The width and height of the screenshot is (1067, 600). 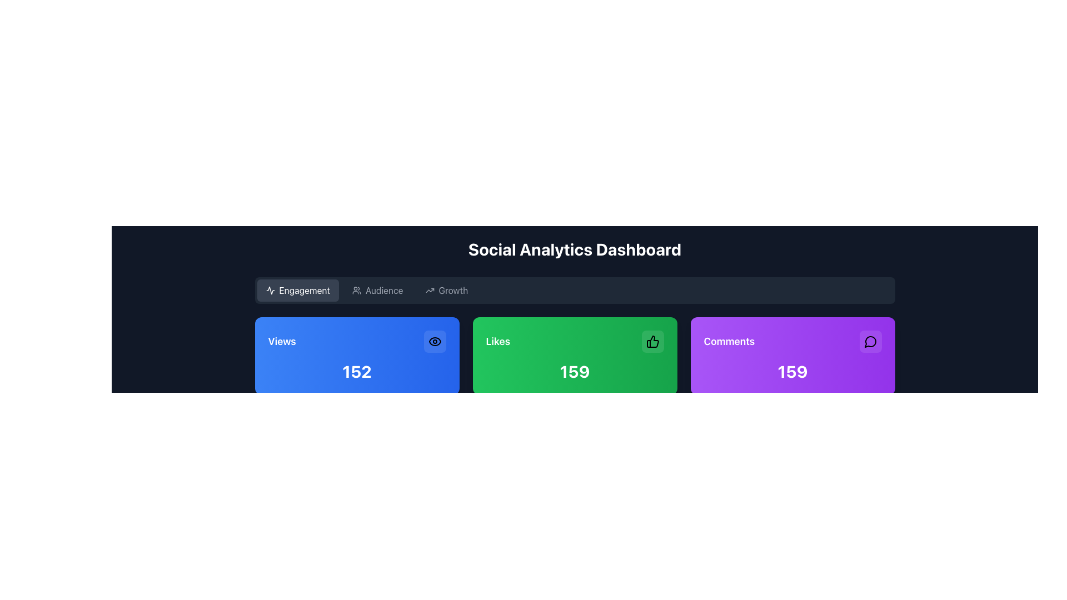 What do you see at coordinates (434, 341) in the screenshot?
I see `the eye icon in the 'Views' section of the dashboard, which has a blue background, a circular black outline, and a white center, located adjacent to the text '152'` at bounding box center [434, 341].